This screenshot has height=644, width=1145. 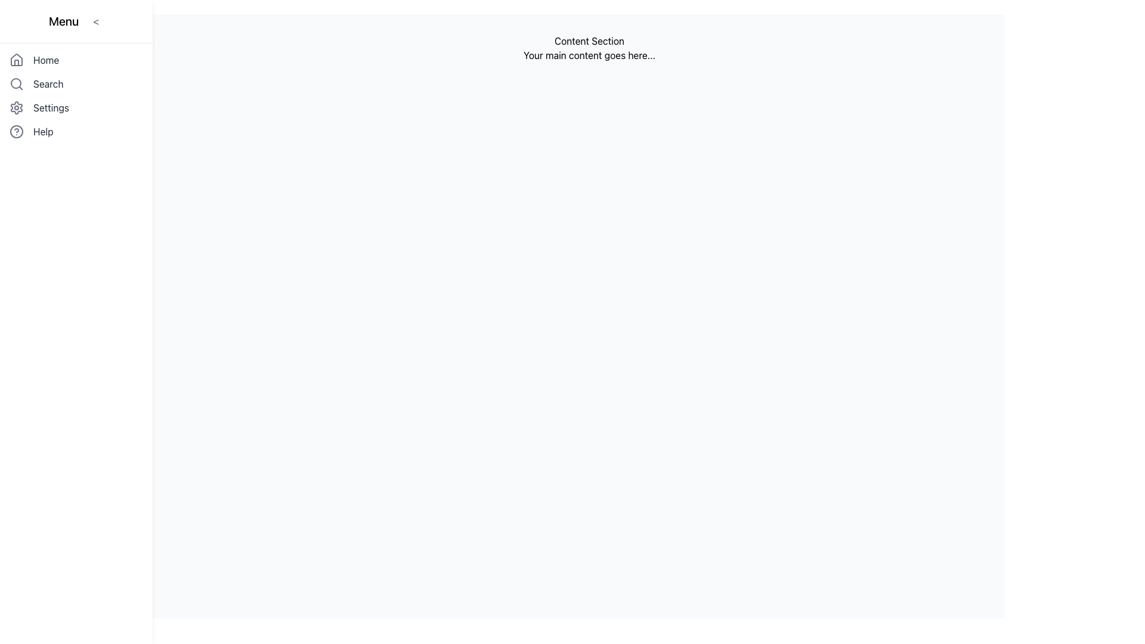 I want to click on the magnifying glass icon, which is styled as a line drawing and is part of the 'Search' interactive area located beneath the 'Home' menu item, so click(x=17, y=83).